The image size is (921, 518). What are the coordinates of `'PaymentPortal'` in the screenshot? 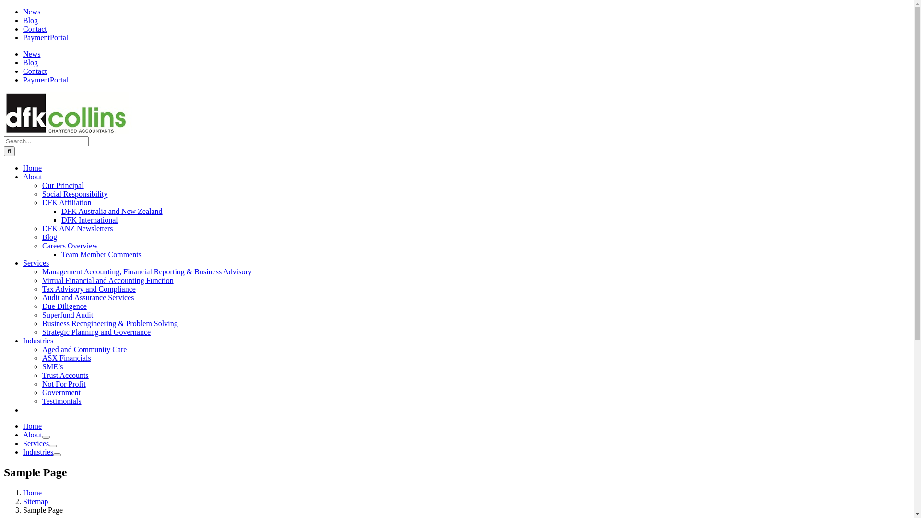 It's located at (45, 79).